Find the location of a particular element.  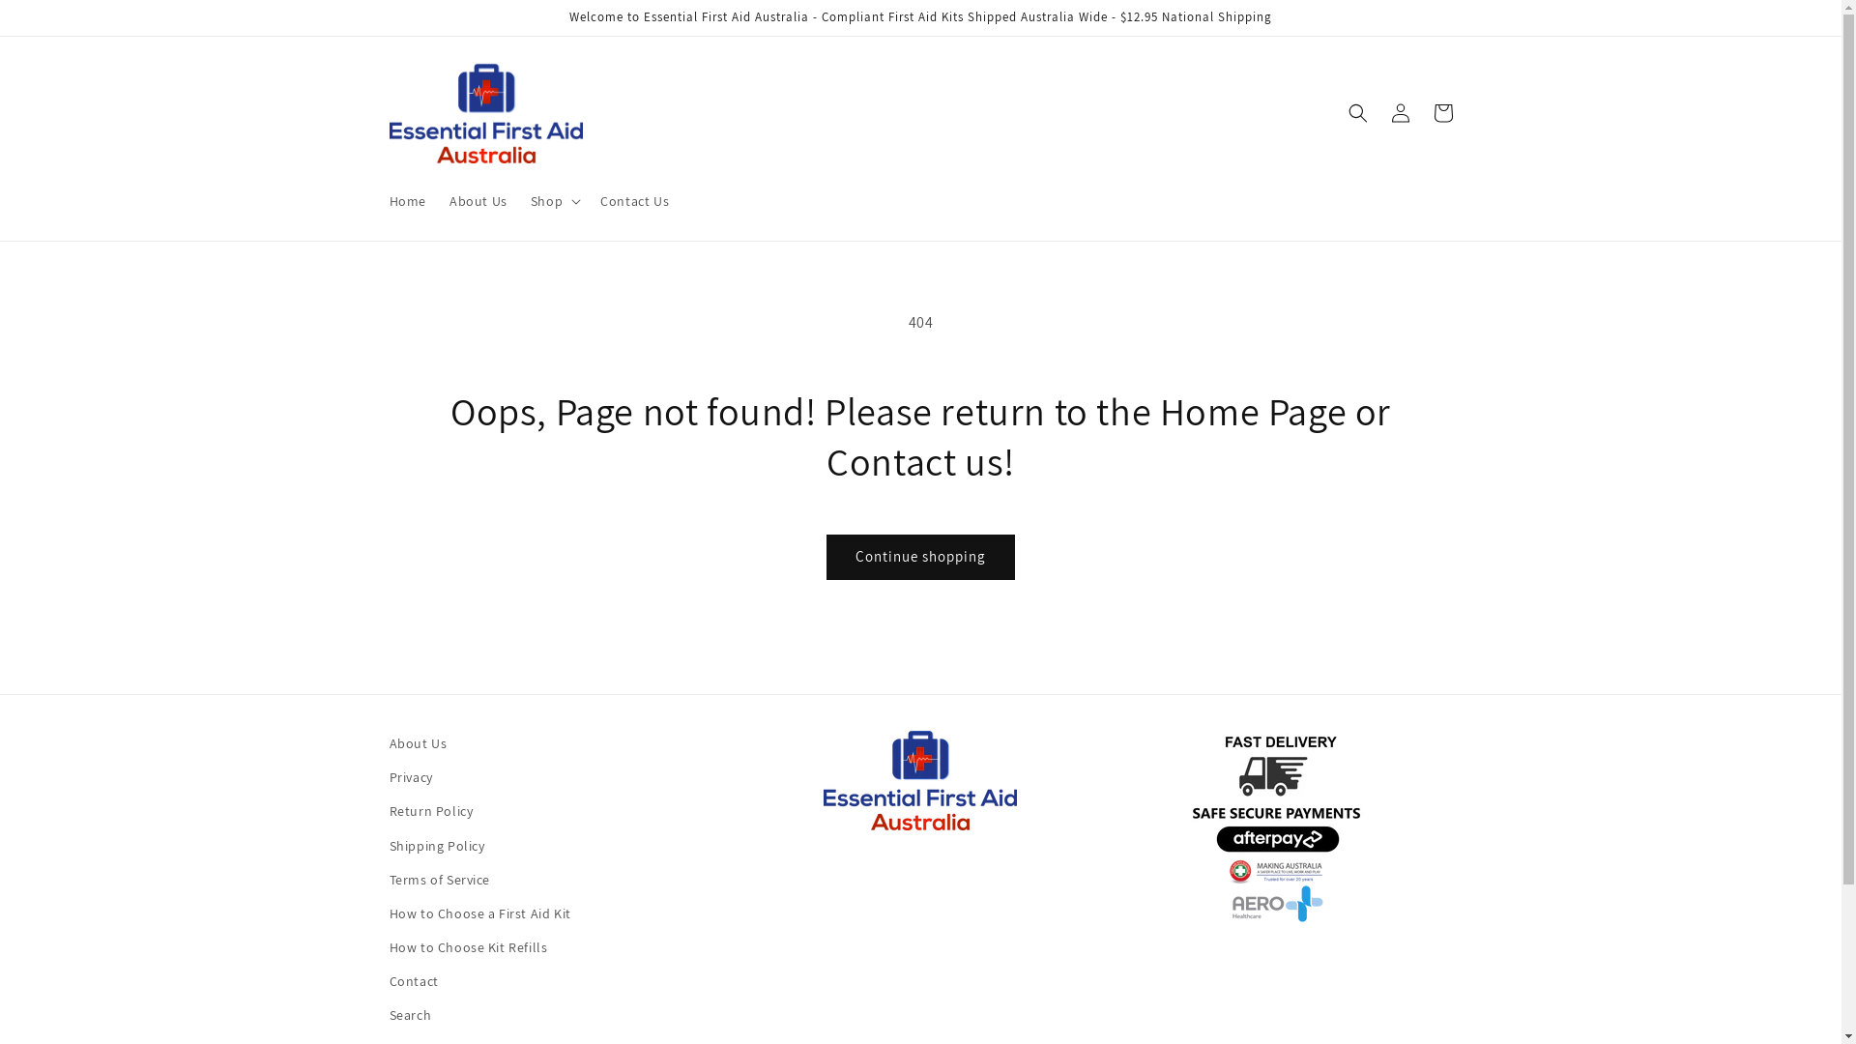

'Return Policy' is located at coordinates (429, 811).